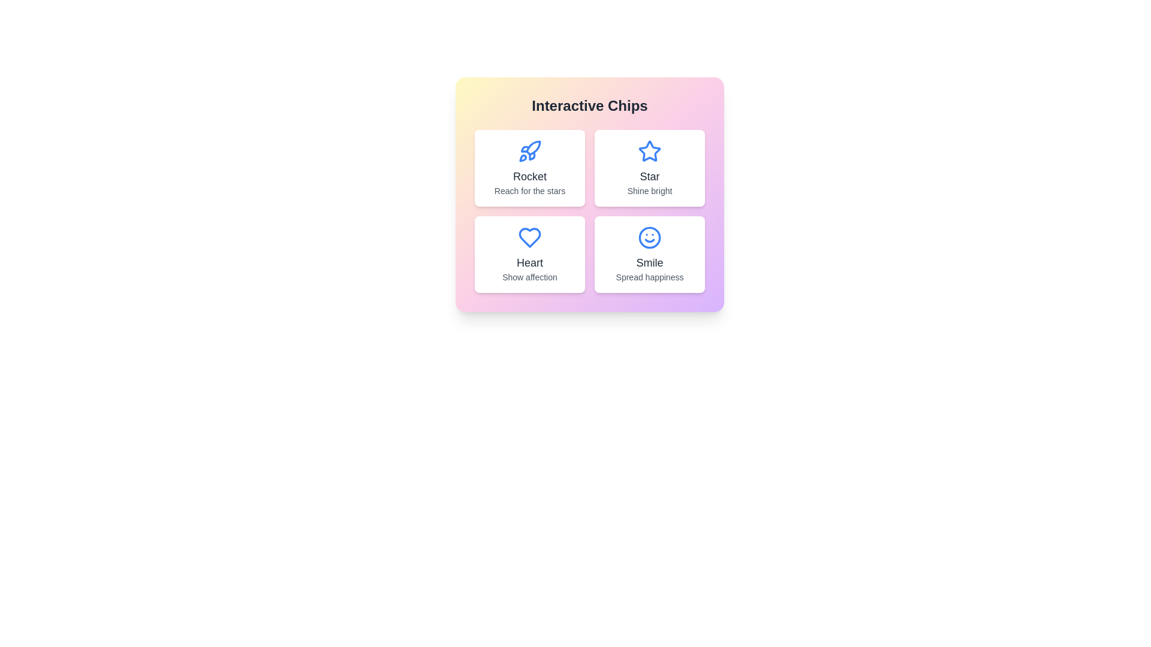 Image resolution: width=1151 pixels, height=647 pixels. Describe the element at coordinates (529, 253) in the screenshot. I see `the chip labeled Heart to interact with it` at that location.